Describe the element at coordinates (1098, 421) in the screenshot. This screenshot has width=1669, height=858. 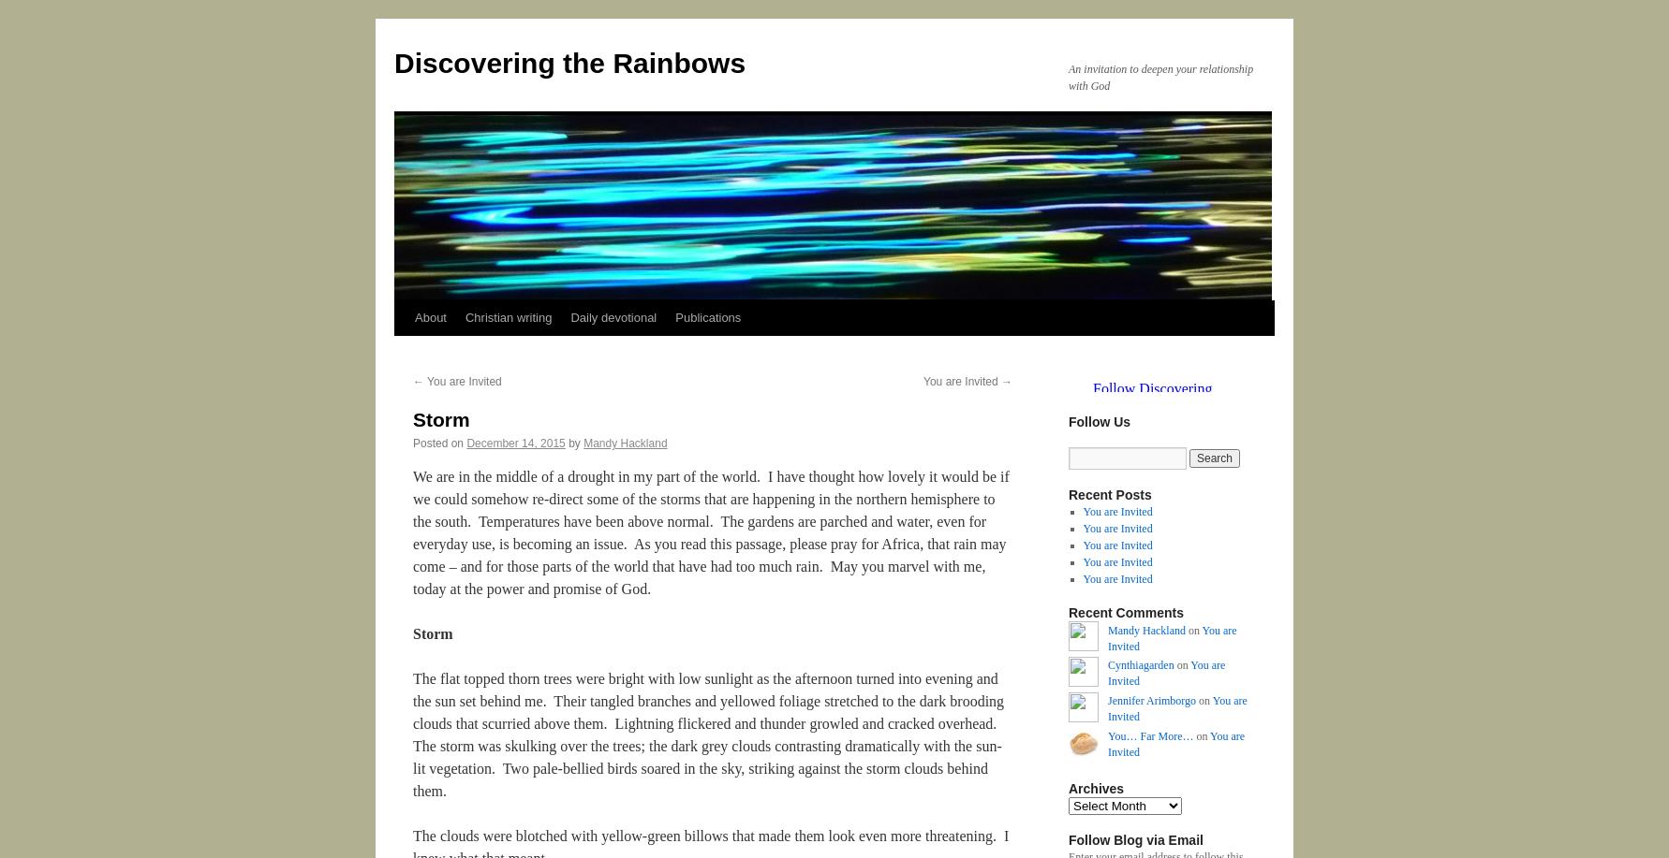
I see `'Follow Us'` at that location.